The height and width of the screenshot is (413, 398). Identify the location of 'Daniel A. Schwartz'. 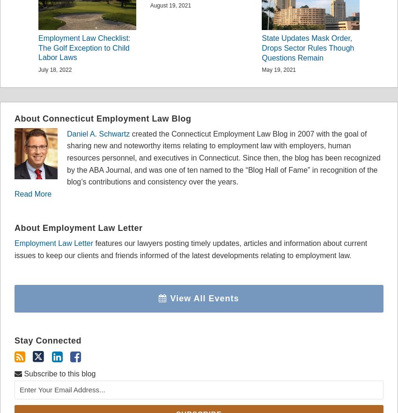
(98, 133).